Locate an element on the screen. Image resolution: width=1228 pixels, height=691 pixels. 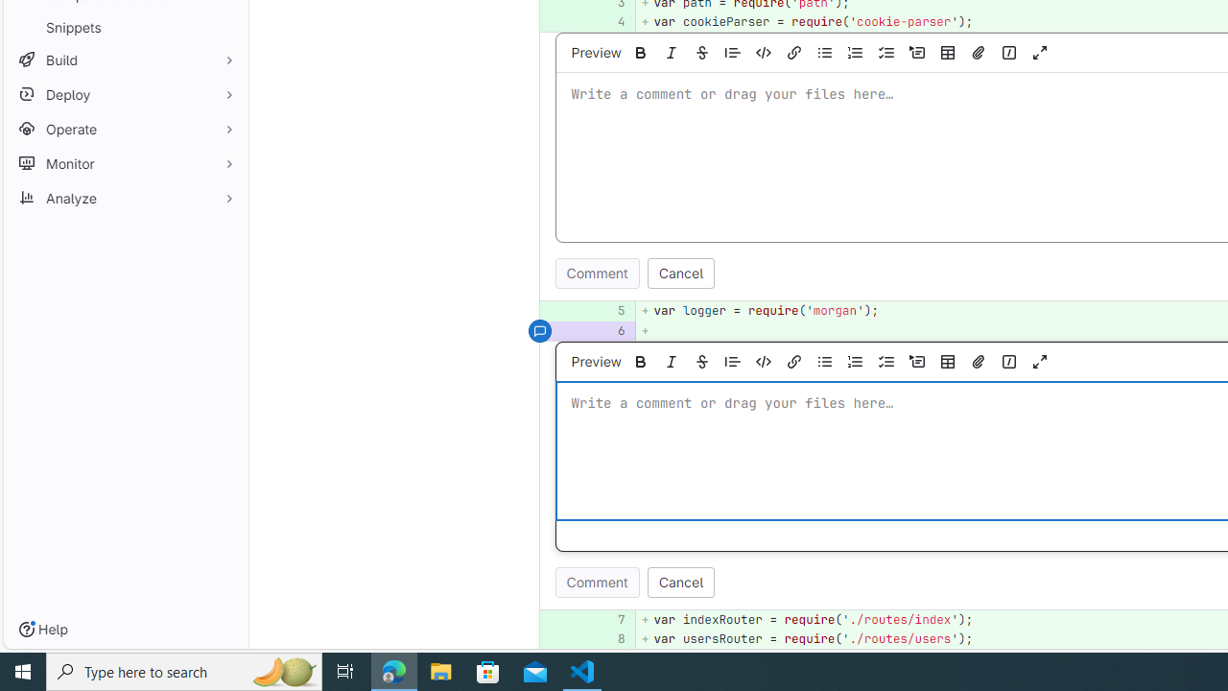
'4' is located at coordinates (610, 22).